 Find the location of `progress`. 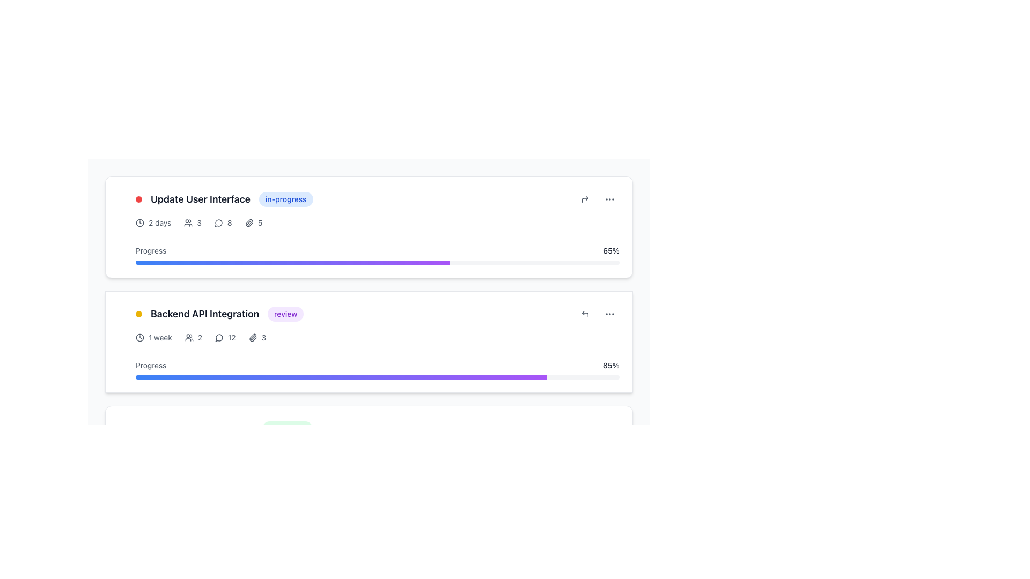

progress is located at coordinates (195, 262).